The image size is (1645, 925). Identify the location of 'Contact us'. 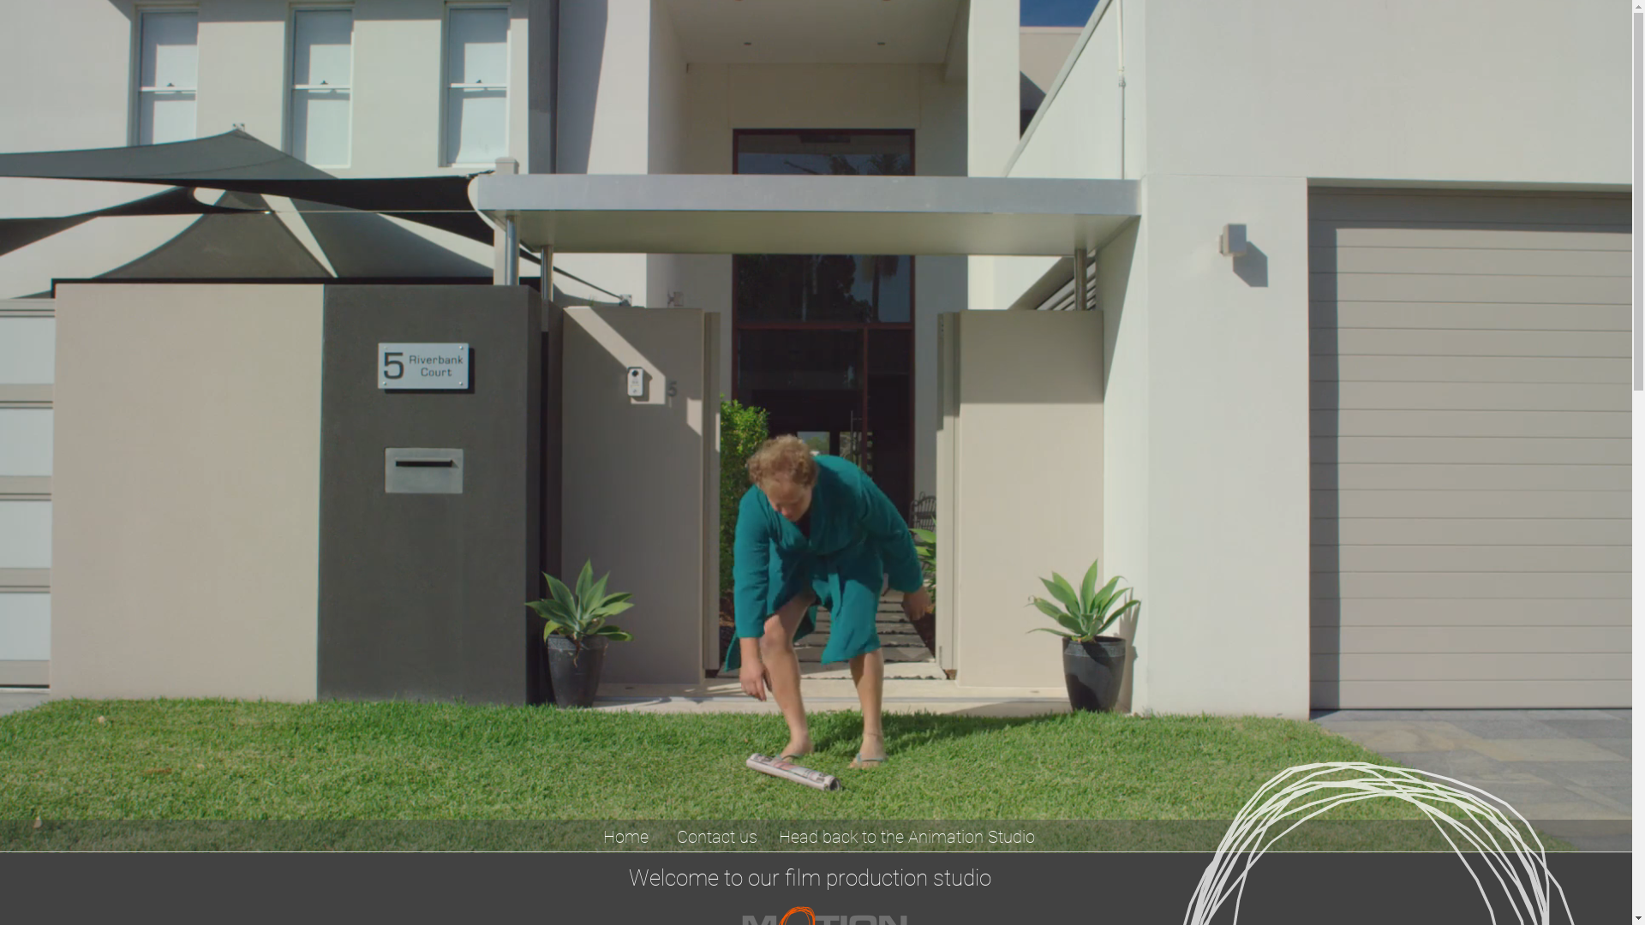
(664, 835).